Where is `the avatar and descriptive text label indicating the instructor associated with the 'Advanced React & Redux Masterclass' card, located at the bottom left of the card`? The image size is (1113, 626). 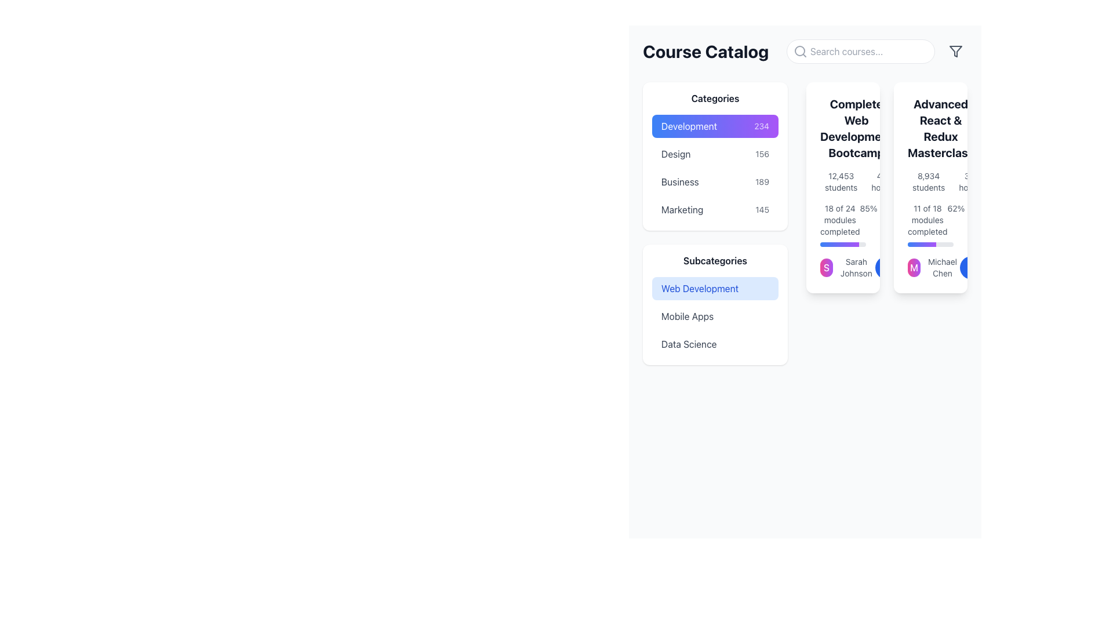 the avatar and descriptive text label indicating the instructor associated with the 'Advanced React & Redux Masterclass' card, located at the bottom left of the card is located at coordinates (930, 268).